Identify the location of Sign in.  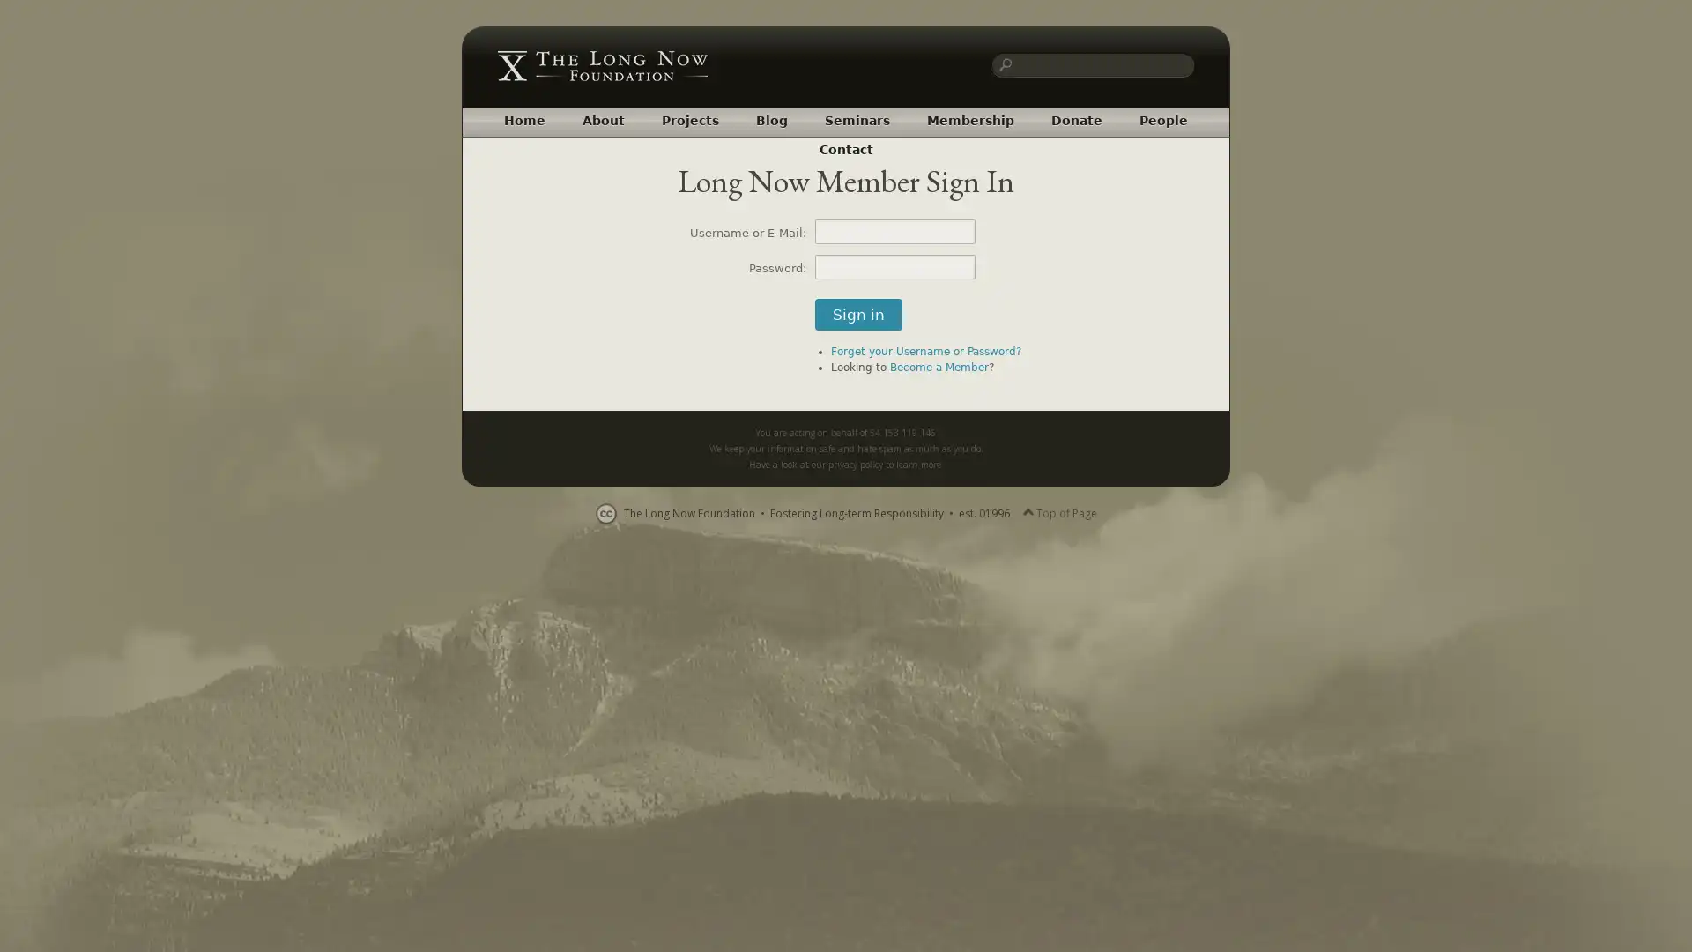
(858, 314).